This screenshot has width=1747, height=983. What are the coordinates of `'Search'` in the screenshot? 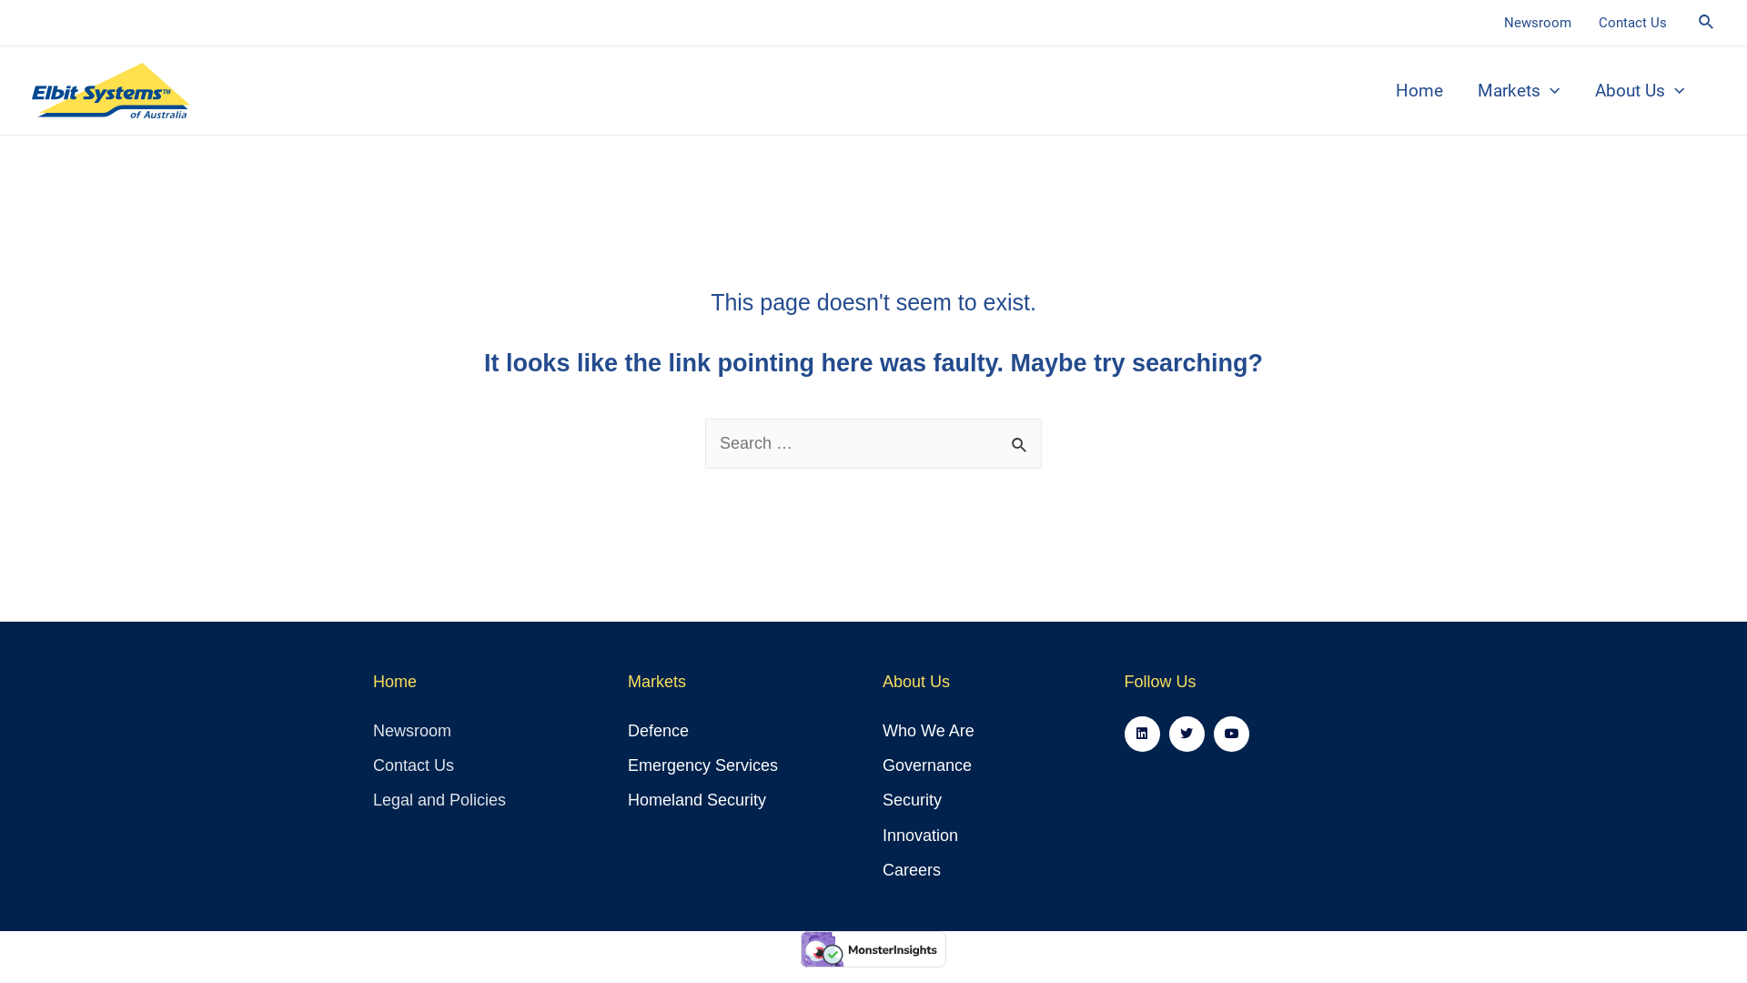 It's located at (999, 439).